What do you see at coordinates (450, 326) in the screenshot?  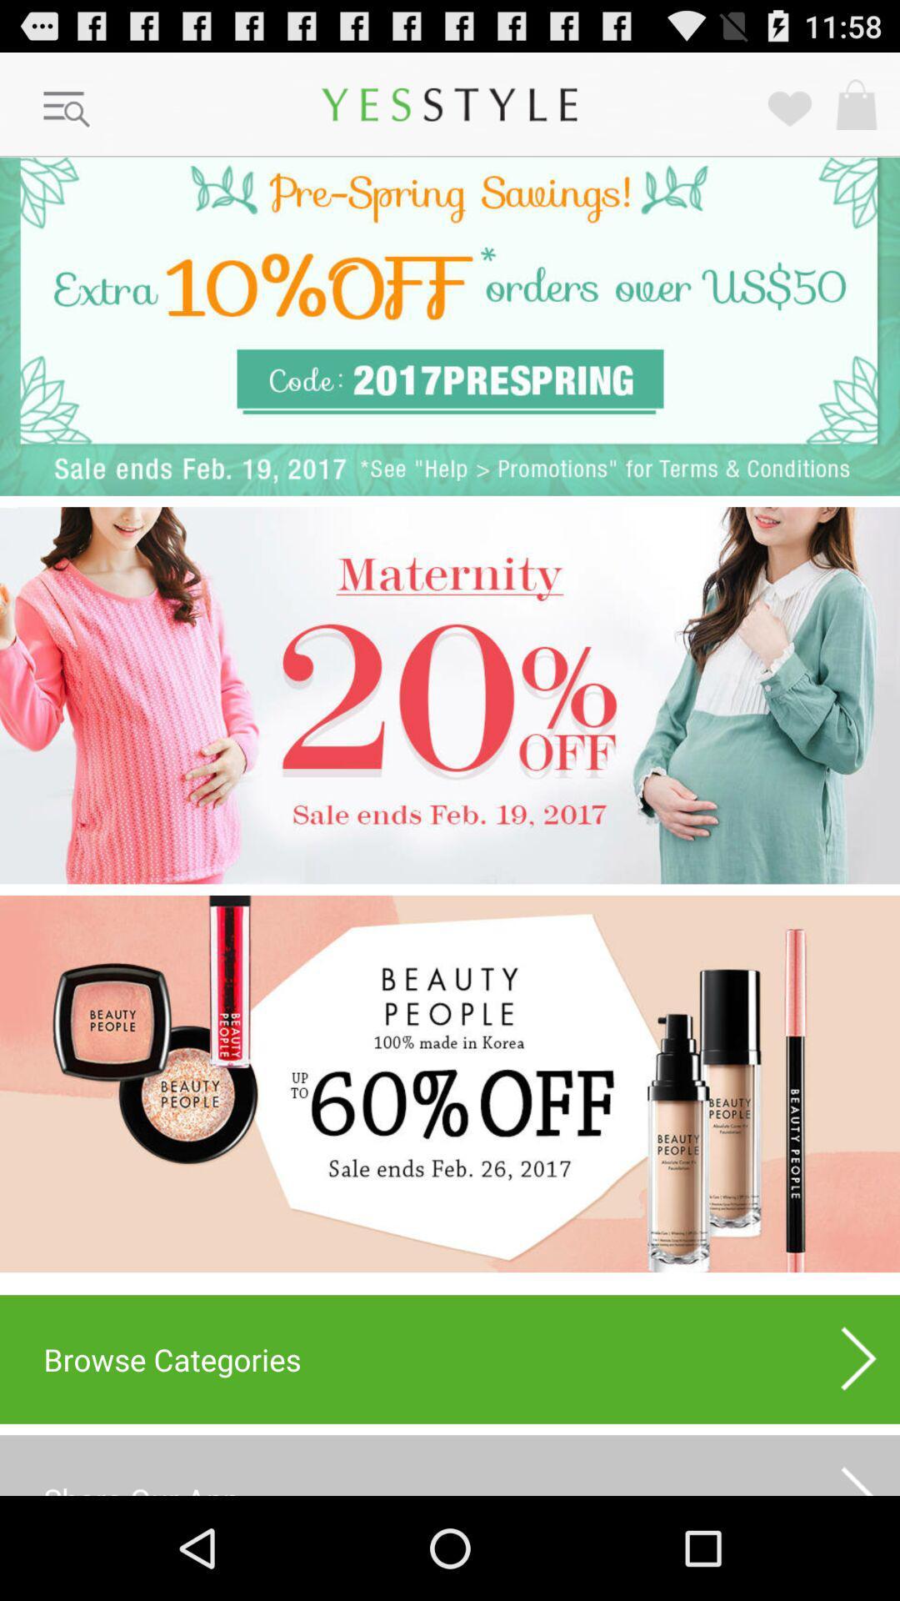 I see `get coupon` at bounding box center [450, 326].